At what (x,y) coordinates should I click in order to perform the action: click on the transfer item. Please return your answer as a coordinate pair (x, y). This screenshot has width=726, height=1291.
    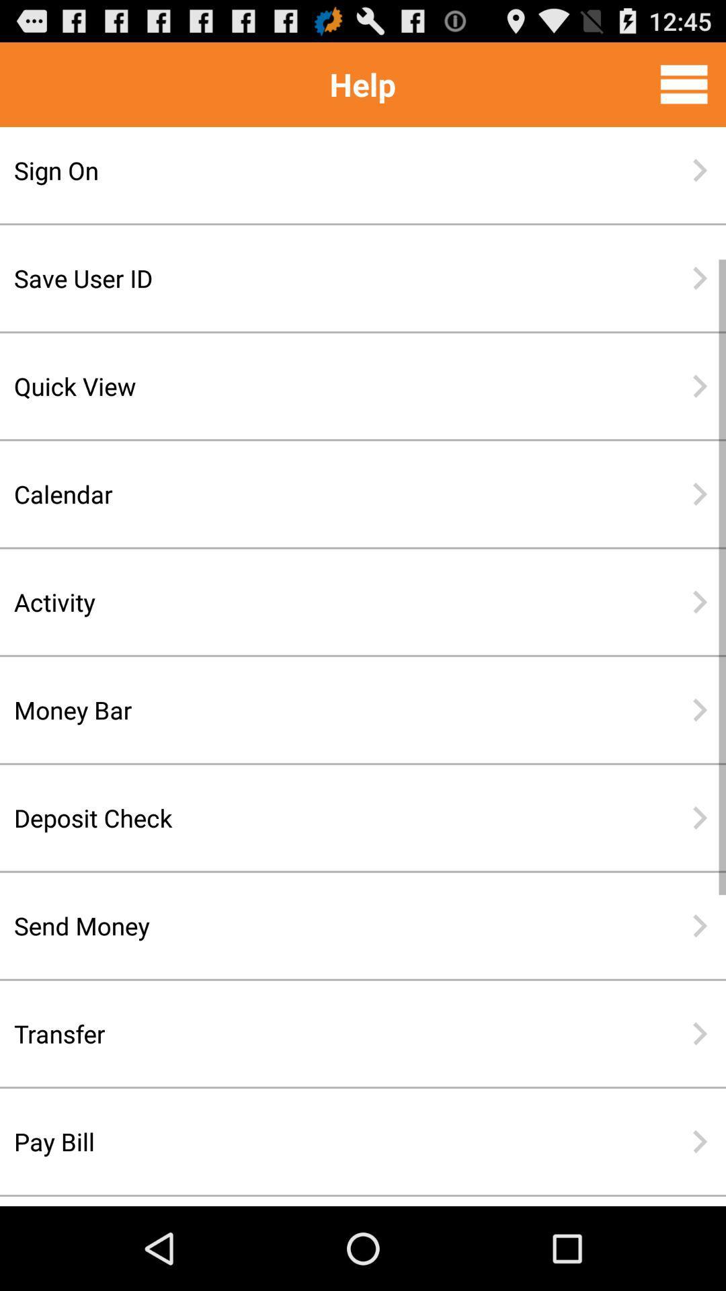
    Looking at the image, I should click on (319, 1033).